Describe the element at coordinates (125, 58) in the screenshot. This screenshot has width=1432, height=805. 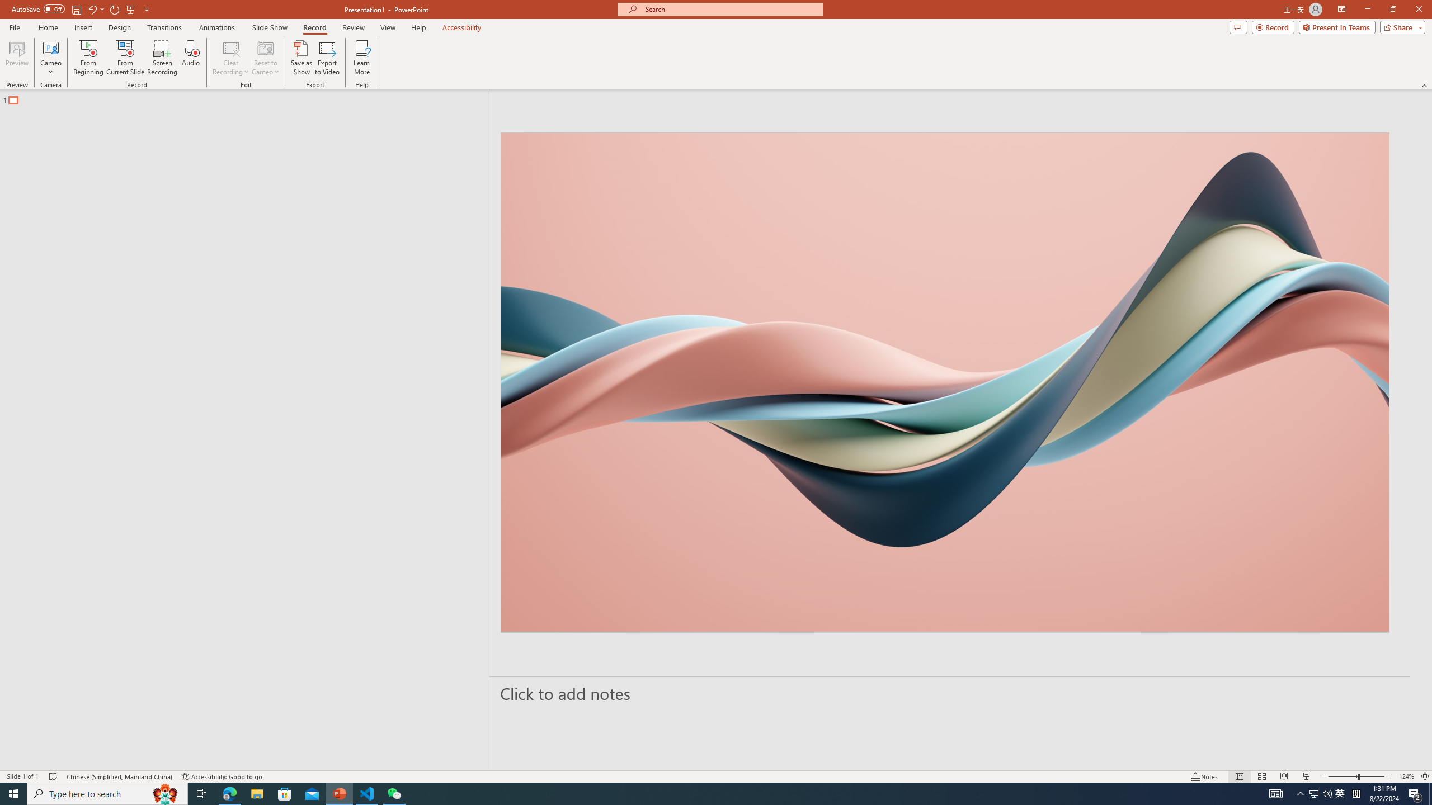
I see `'From Current Slide...'` at that location.